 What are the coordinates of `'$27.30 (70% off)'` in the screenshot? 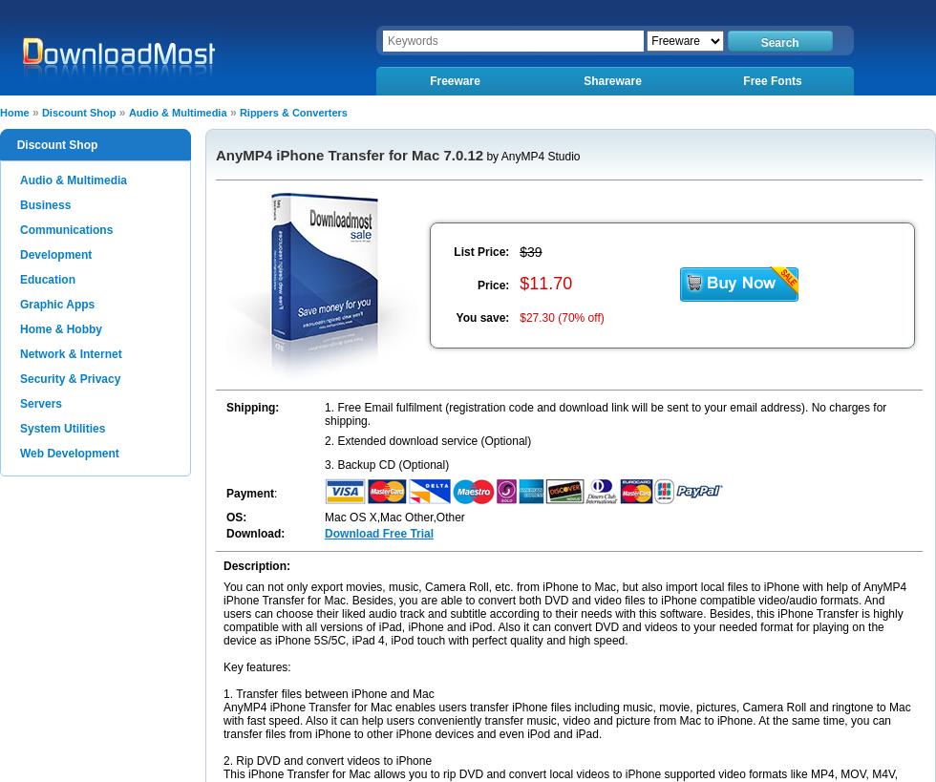 It's located at (562, 317).